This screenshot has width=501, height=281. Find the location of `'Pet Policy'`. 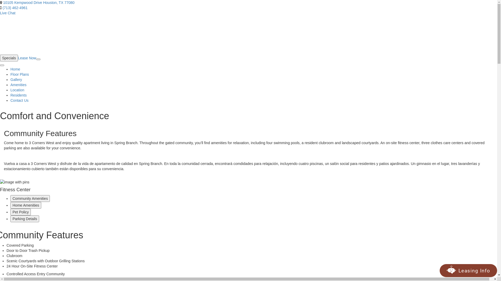

'Pet Policy' is located at coordinates (10, 212).